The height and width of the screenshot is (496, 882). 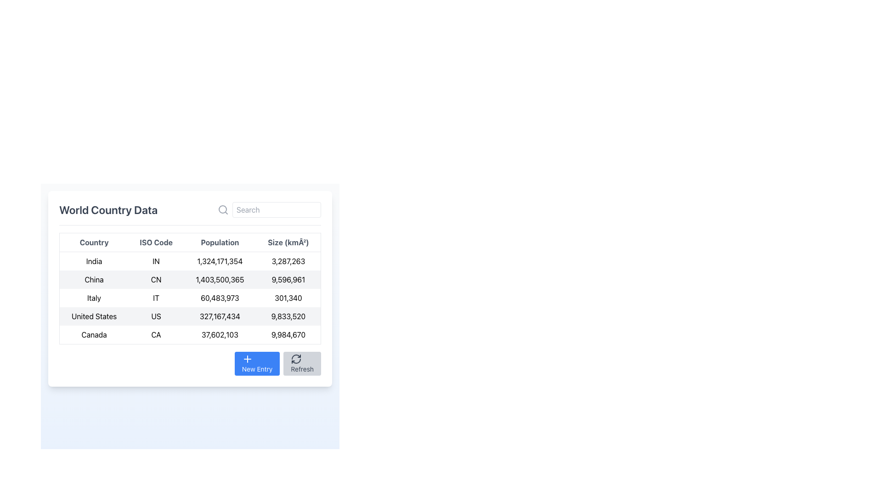 What do you see at coordinates (219, 242) in the screenshot?
I see `the 'Population' header text label in the third column of the data table, which is located below the search bar and the title 'World Country Data'` at bounding box center [219, 242].